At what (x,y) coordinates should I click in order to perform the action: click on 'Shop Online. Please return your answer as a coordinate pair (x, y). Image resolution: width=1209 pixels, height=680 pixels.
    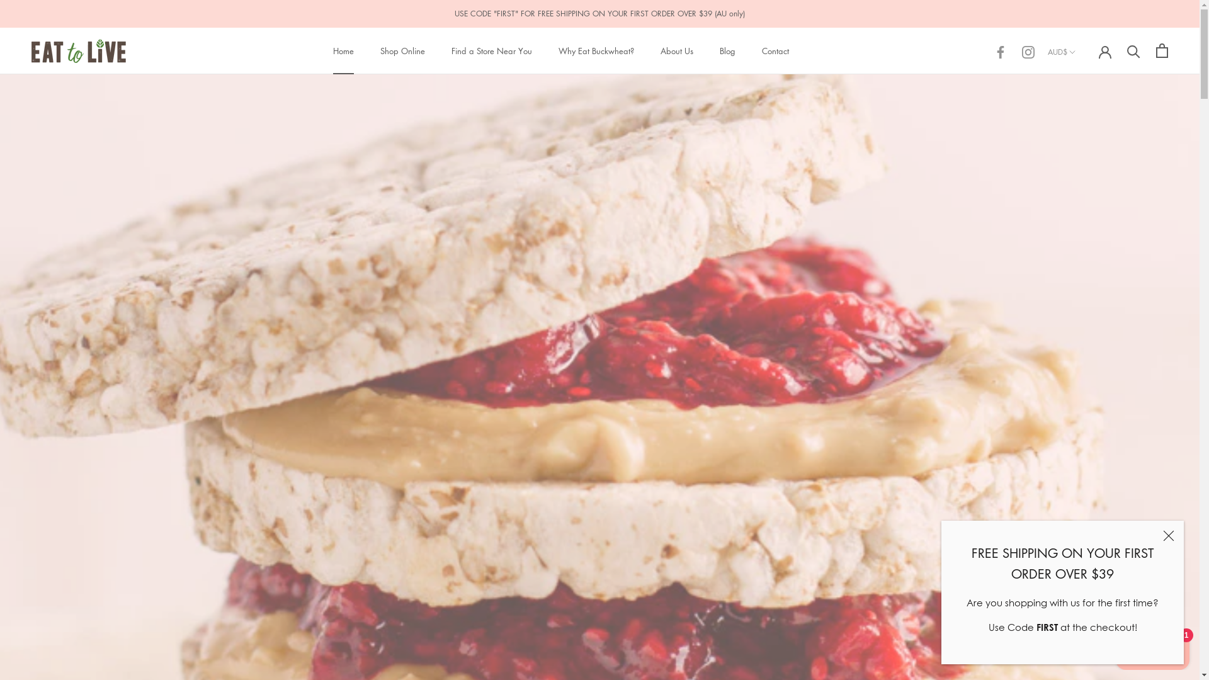
    Looking at the image, I should click on (402, 50).